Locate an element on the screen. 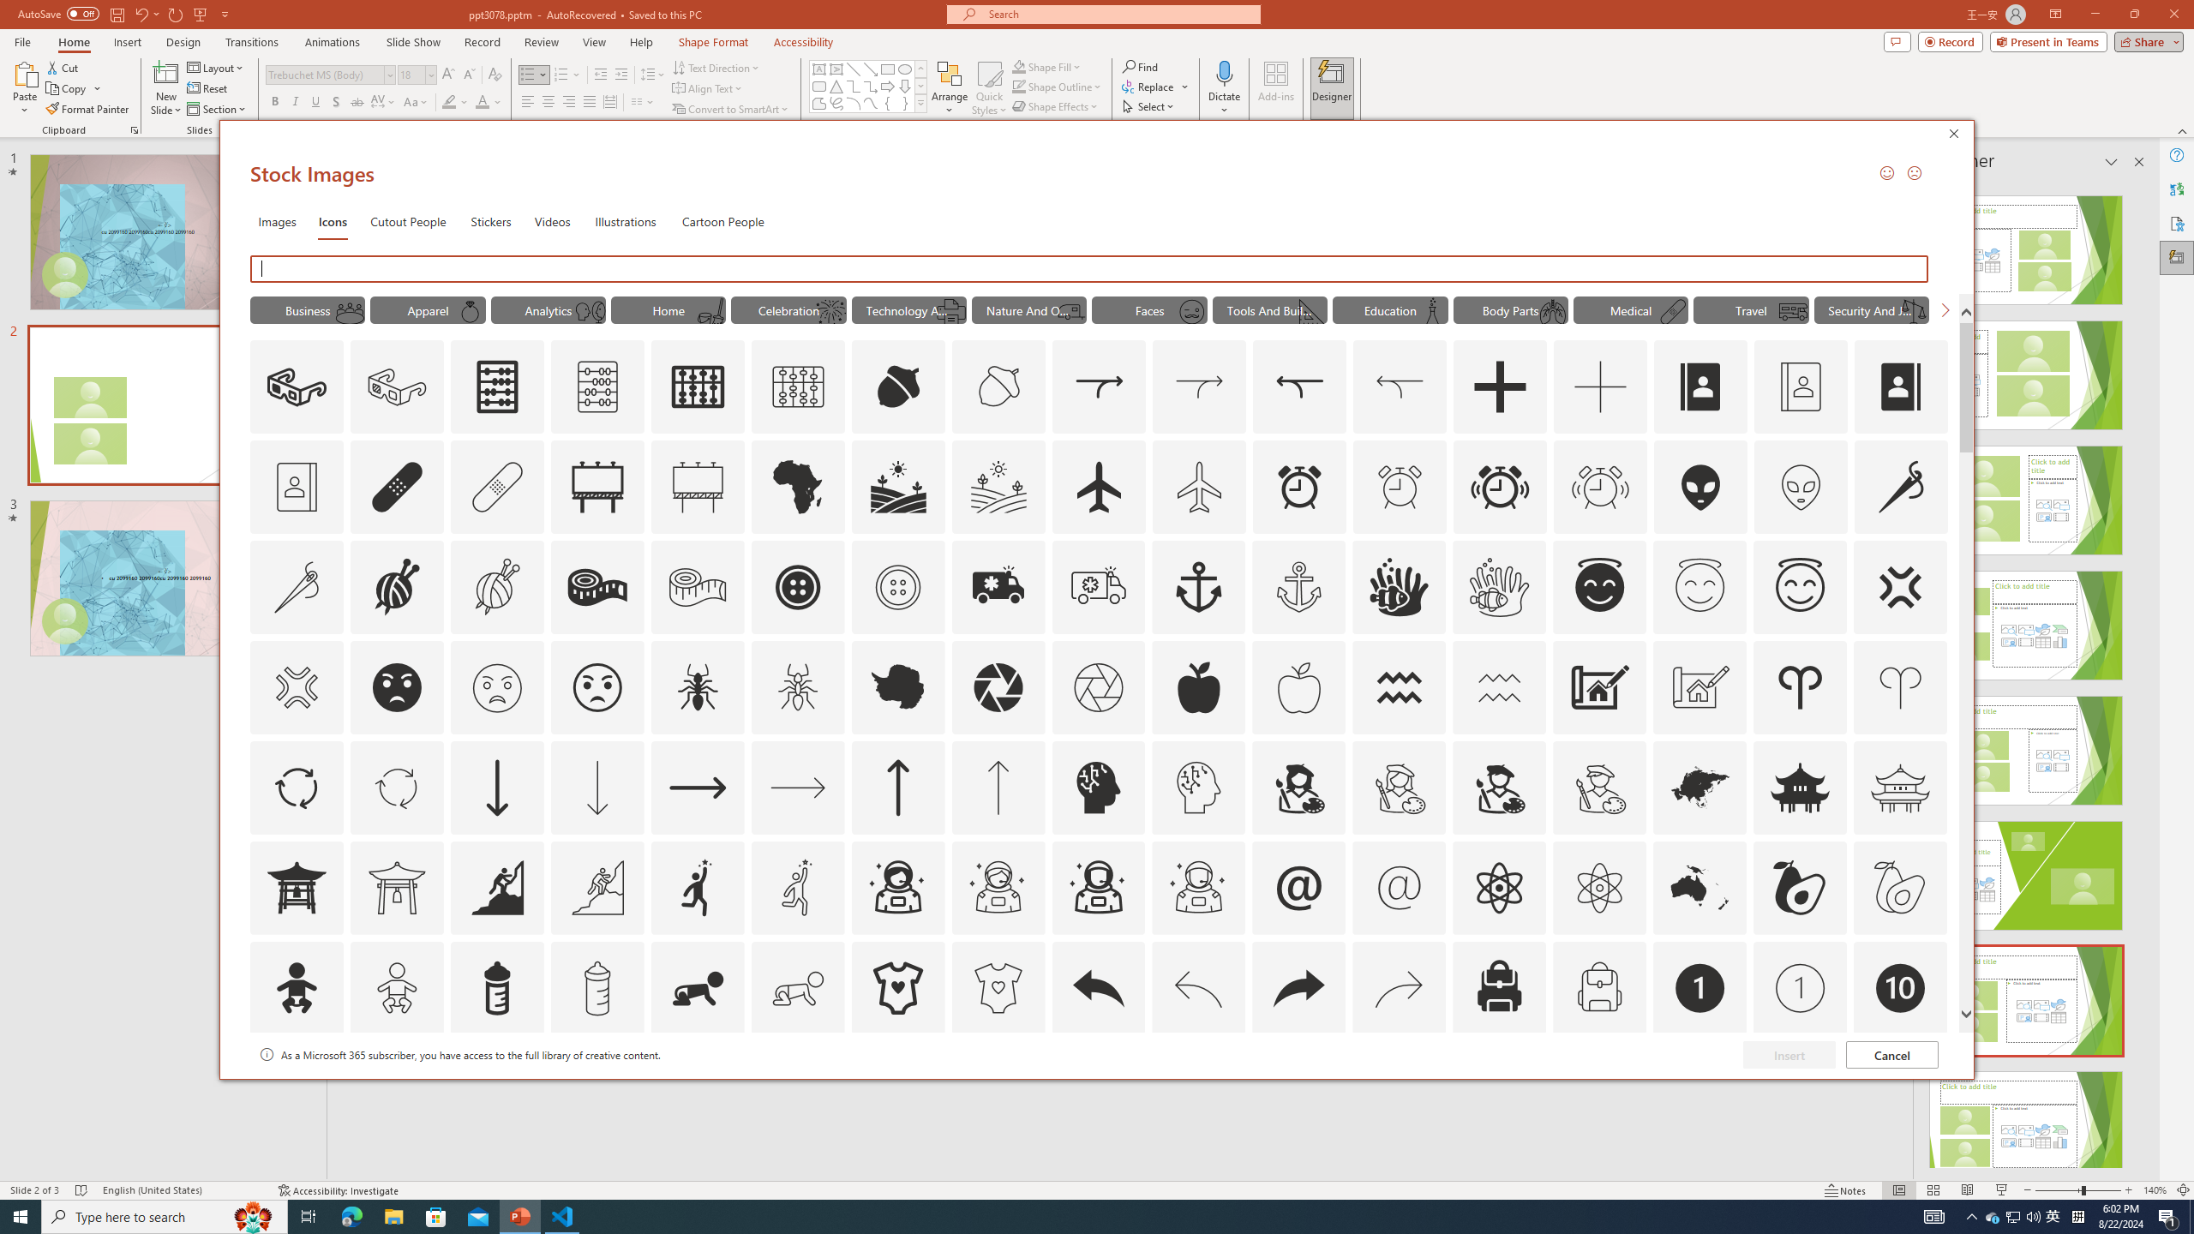 This screenshot has width=2194, height=1234. 'AutomationID: Icons_Atom' is located at coordinates (1500, 886).